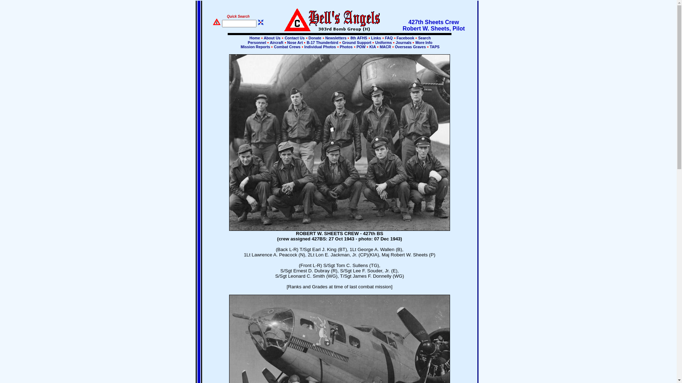  What do you see at coordinates (383, 38) in the screenshot?
I see `'FAQ'` at bounding box center [383, 38].